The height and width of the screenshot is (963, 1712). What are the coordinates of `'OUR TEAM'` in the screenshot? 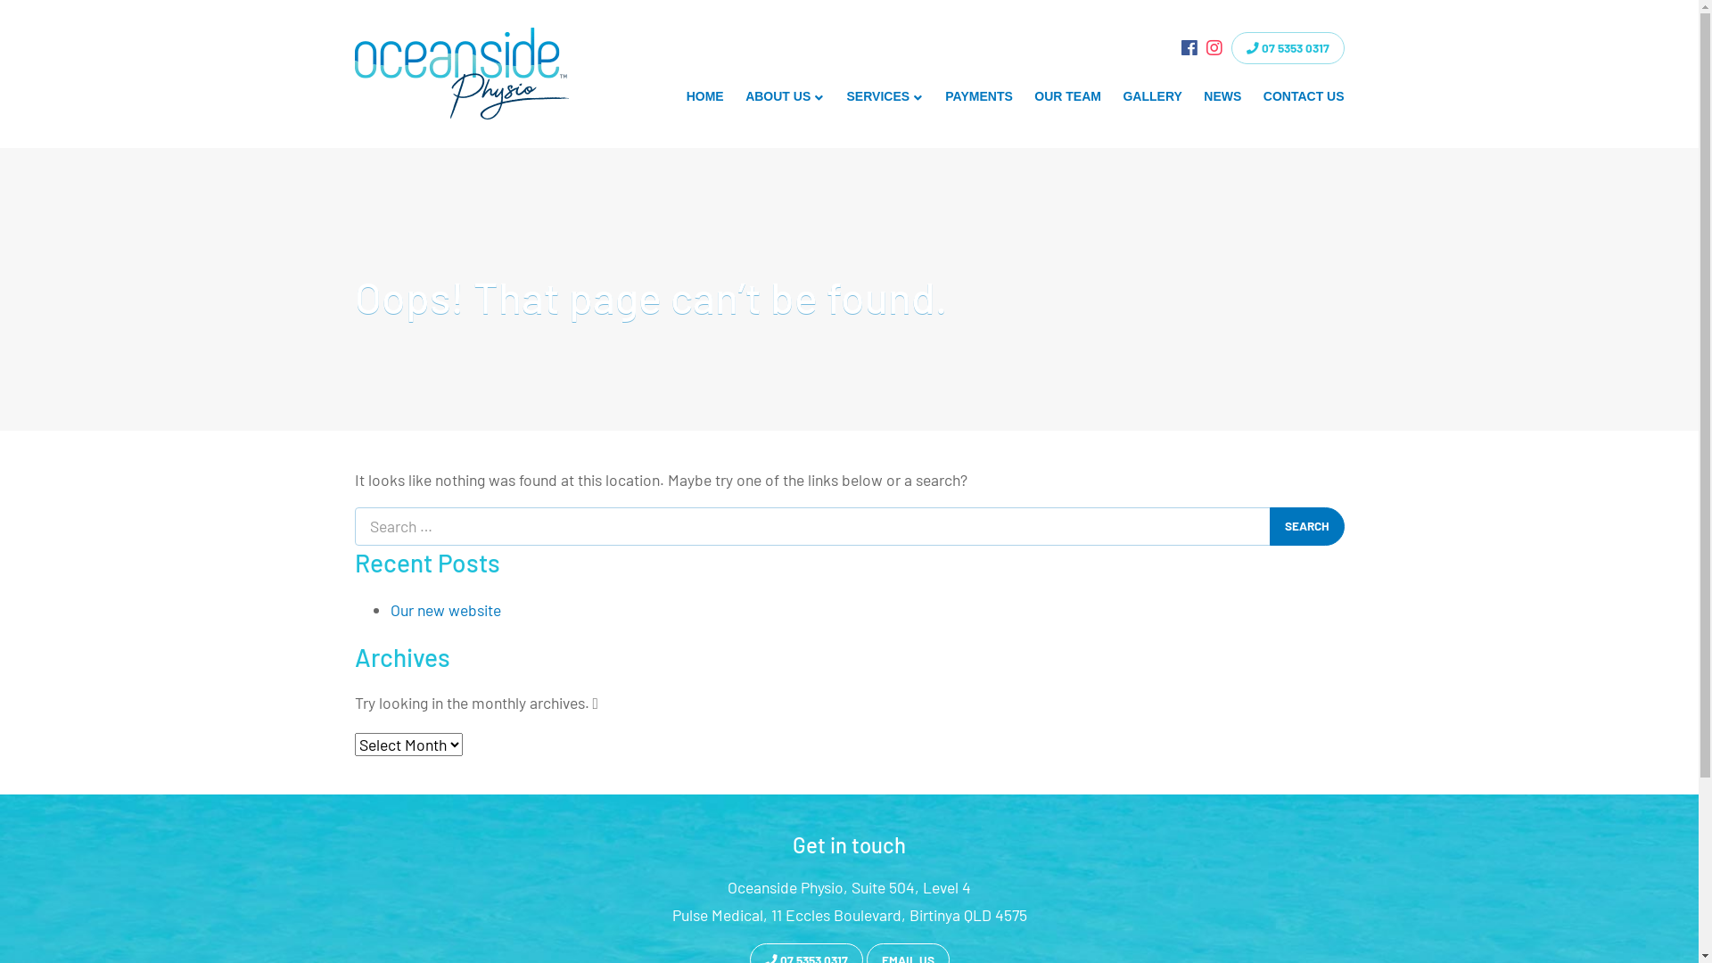 It's located at (1067, 96).